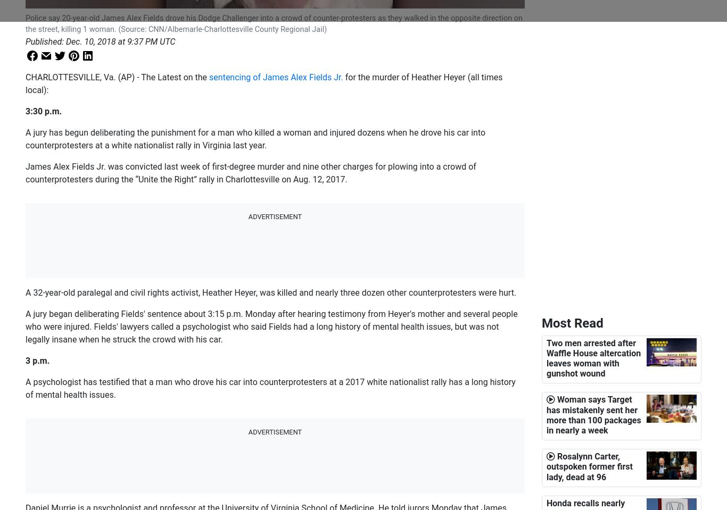 The height and width of the screenshot is (510, 727). I want to click on 'Police say 20-year-old James Alex Fields drove his Dodge Challenger into a crowd of counter-protesters as they walked in the opposite direction on the street, killing 1 woman. (Source: CNN/Albemarle-Charlottesville County Regional Jail)', so click(274, 23).